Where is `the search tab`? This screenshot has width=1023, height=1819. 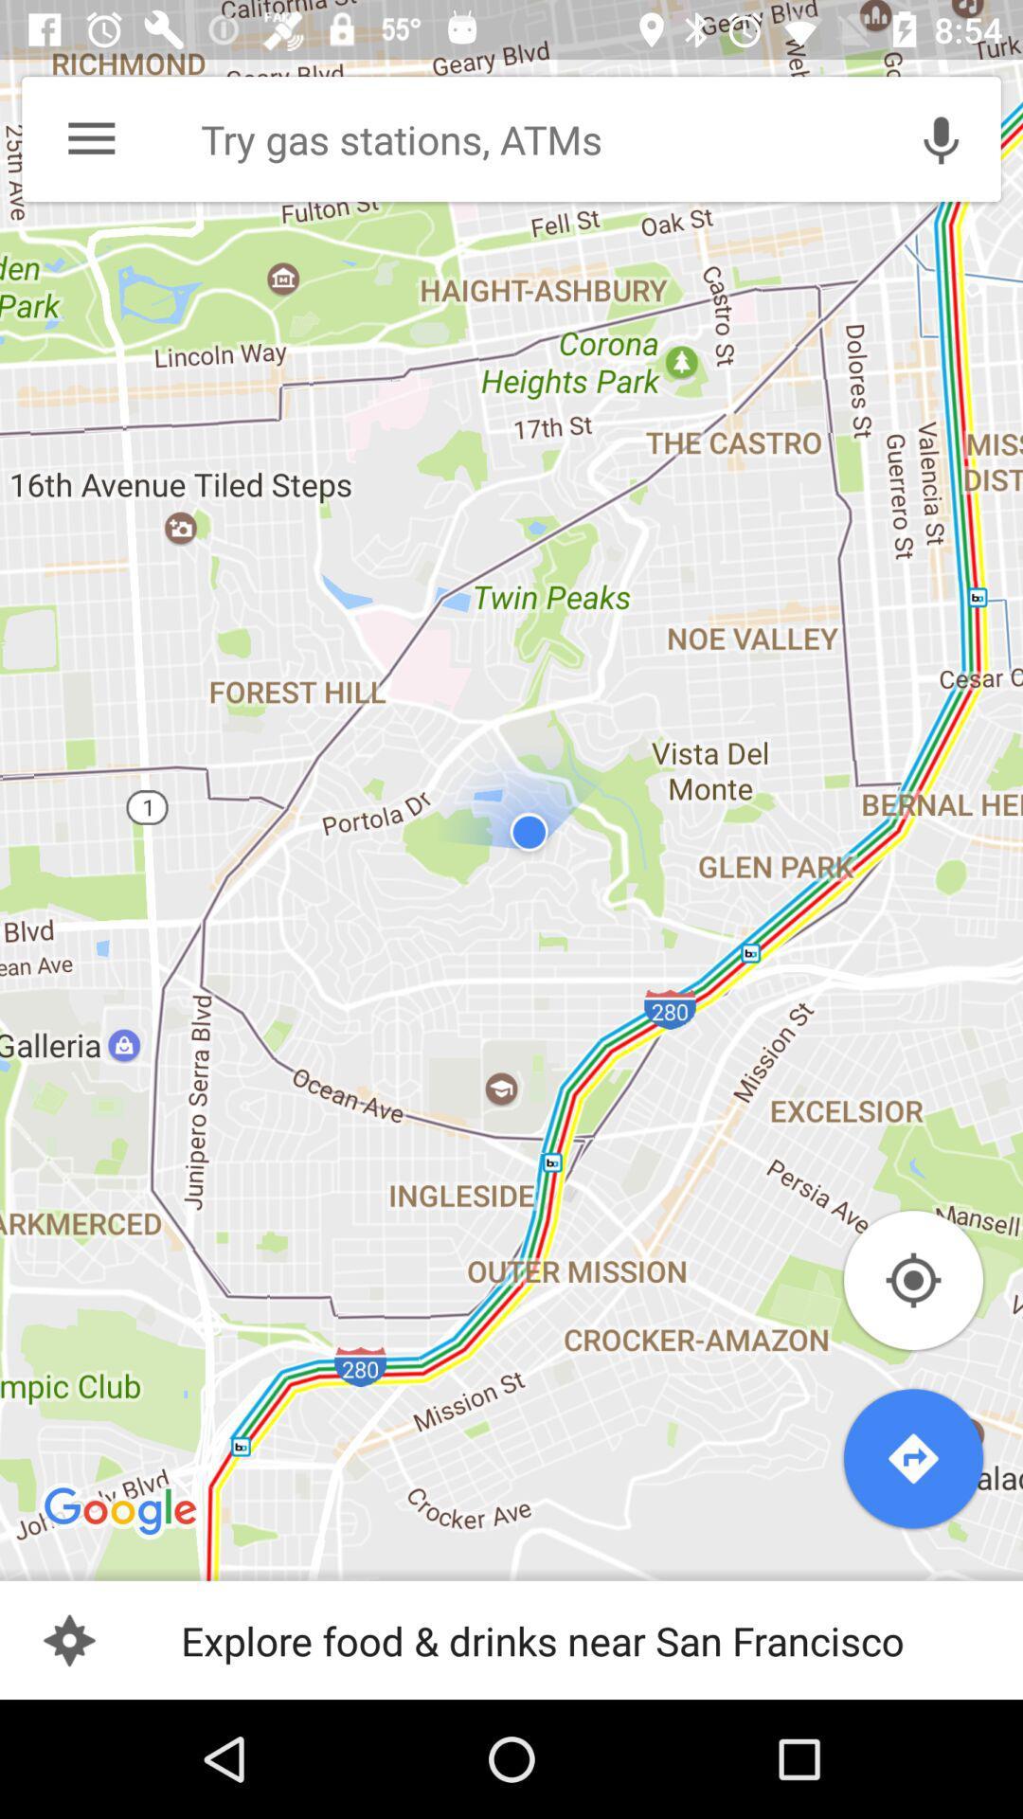 the search tab is located at coordinates (530, 138).